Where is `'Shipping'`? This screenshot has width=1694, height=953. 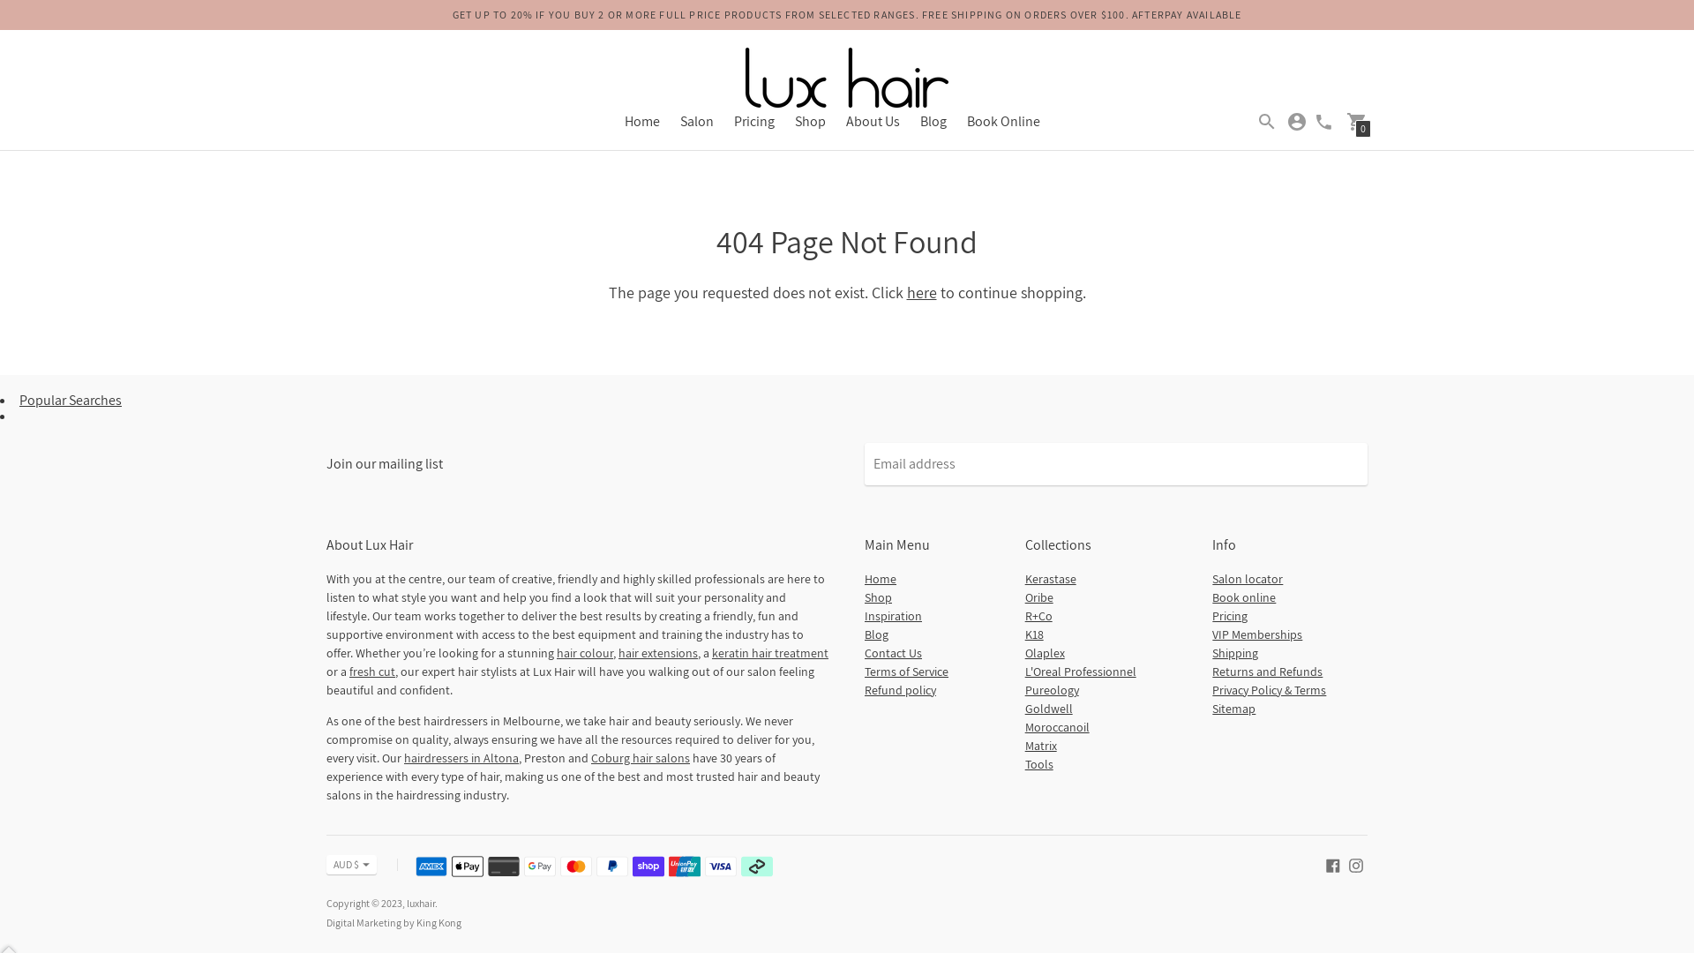
'Shipping' is located at coordinates (1234, 653).